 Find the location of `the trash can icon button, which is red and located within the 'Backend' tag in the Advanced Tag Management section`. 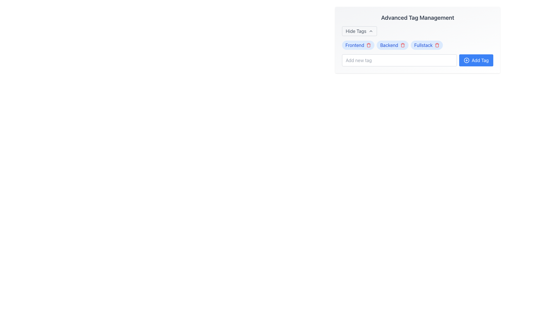

the trash can icon button, which is red and located within the 'Backend' tag in the Advanced Tag Management section is located at coordinates (402, 45).